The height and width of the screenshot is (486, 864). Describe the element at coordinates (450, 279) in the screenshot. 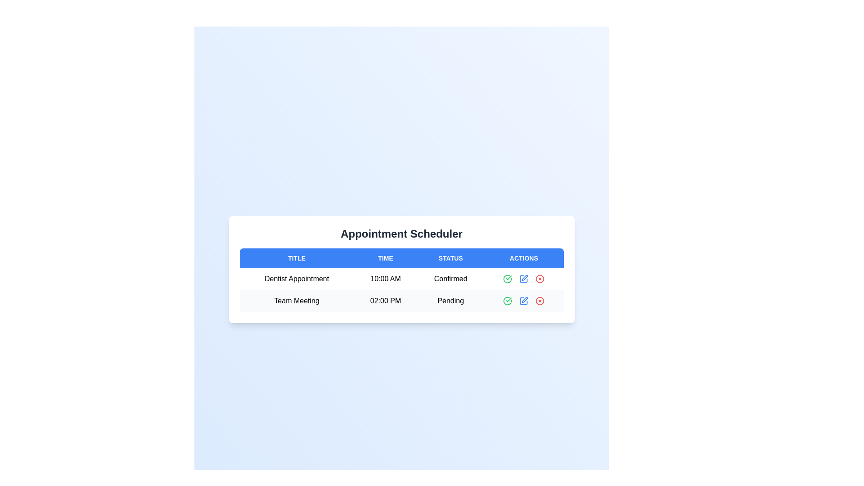

I see `the static text label displaying 'Confirmed' in the 'Status' column of the 'Dentist Appointment' row in the table` at that location.